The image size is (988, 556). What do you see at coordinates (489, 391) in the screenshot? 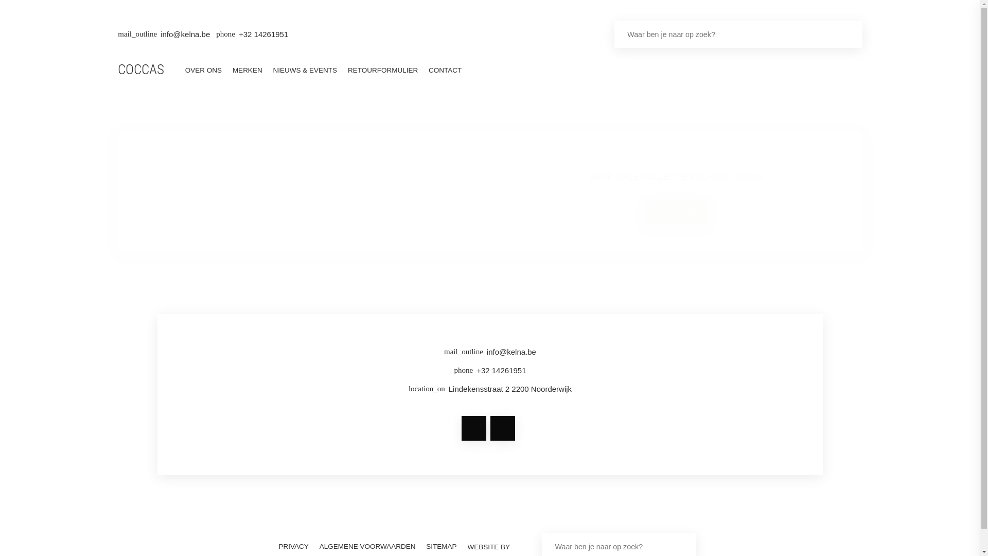
I see `'location_on` at bounding box center [489, 391].